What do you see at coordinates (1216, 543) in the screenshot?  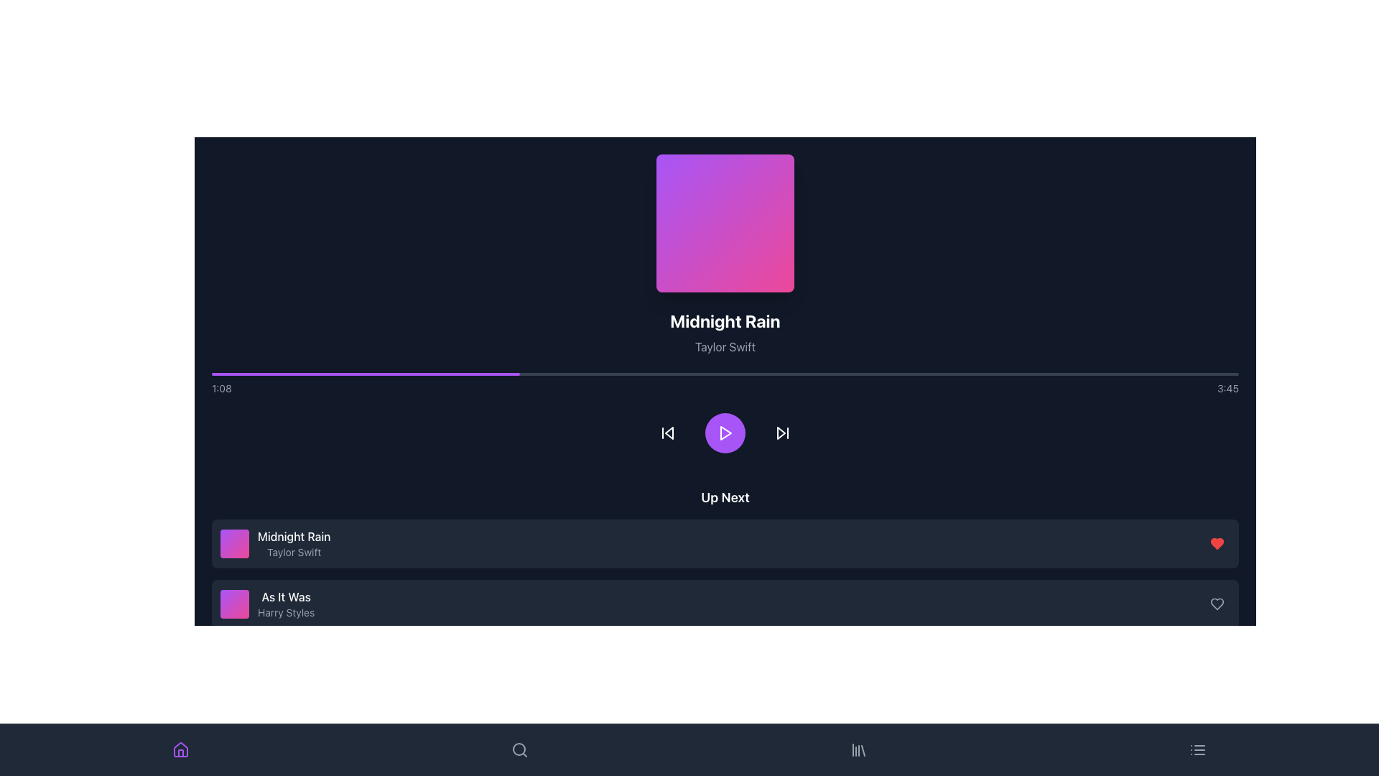 I see `the heart-shaped vector icon on the right side of the song tile for 'As It Was' by Harry Styles to mark or unmark it as a favorite` at bounding box center [1216, 543].